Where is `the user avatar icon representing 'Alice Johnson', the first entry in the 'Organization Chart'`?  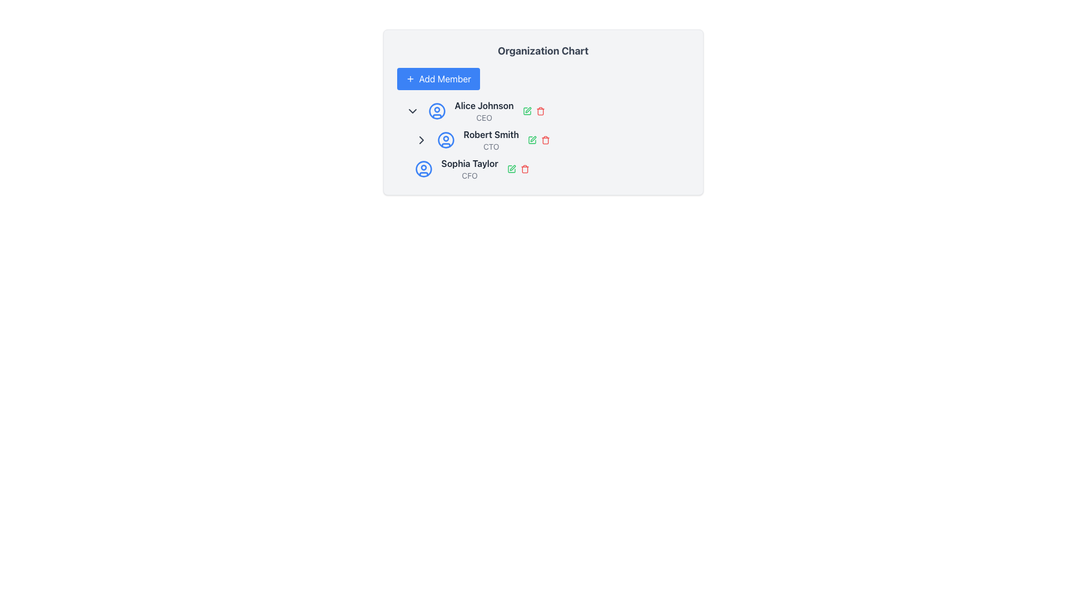 the user avatar icon representing 'Alice Johnson', the first entry in the 'Organization Chart' is located at coordinates (436, 111).